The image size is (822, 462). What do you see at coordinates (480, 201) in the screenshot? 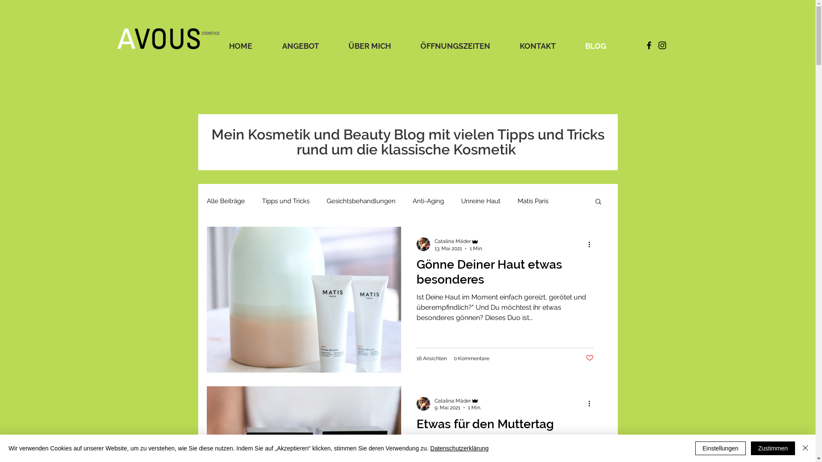
I see `'Unreine Haut'` at bounding box center [480, 201].